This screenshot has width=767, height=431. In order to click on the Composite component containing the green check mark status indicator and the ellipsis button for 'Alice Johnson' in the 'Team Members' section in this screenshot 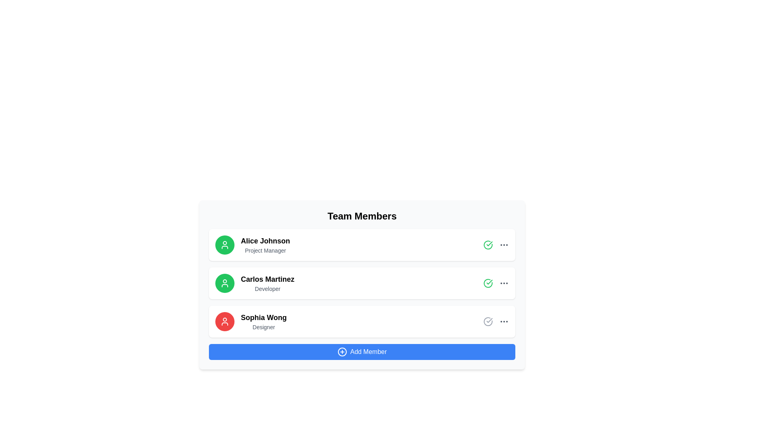, I will do `click(496, 244)`.